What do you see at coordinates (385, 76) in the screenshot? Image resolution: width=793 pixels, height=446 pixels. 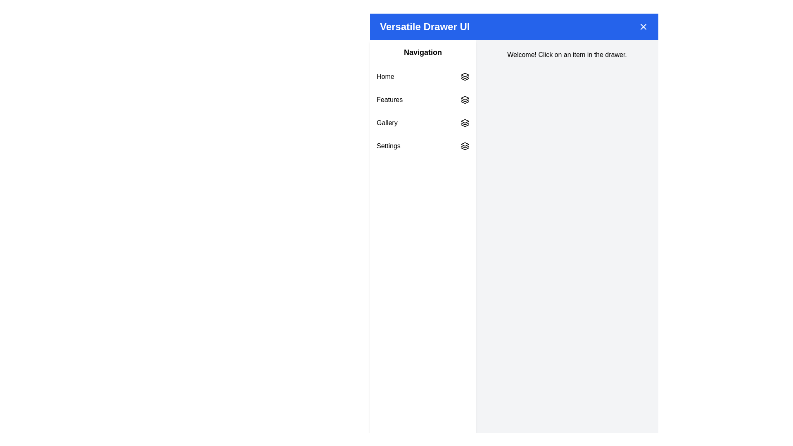 I see `the 'Home' text label element in the vertical navigation menu, which is styled in a standard sans-serif font and positioned at the top of the list` at bounding box center [385, 76].